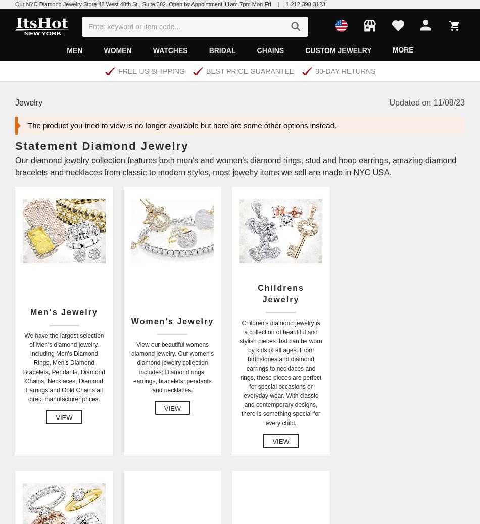  I want to click on 'Children's diamond jewelry is a collection of beautiful and stylish pieces that can be worn by kids of all ages. From birthstones and diamond earrings to necklaces and rings, these pieces are perfect for special occasions or everyday wear. With classic and contemporary designs, there is something special for every child.', so click(280, 372).